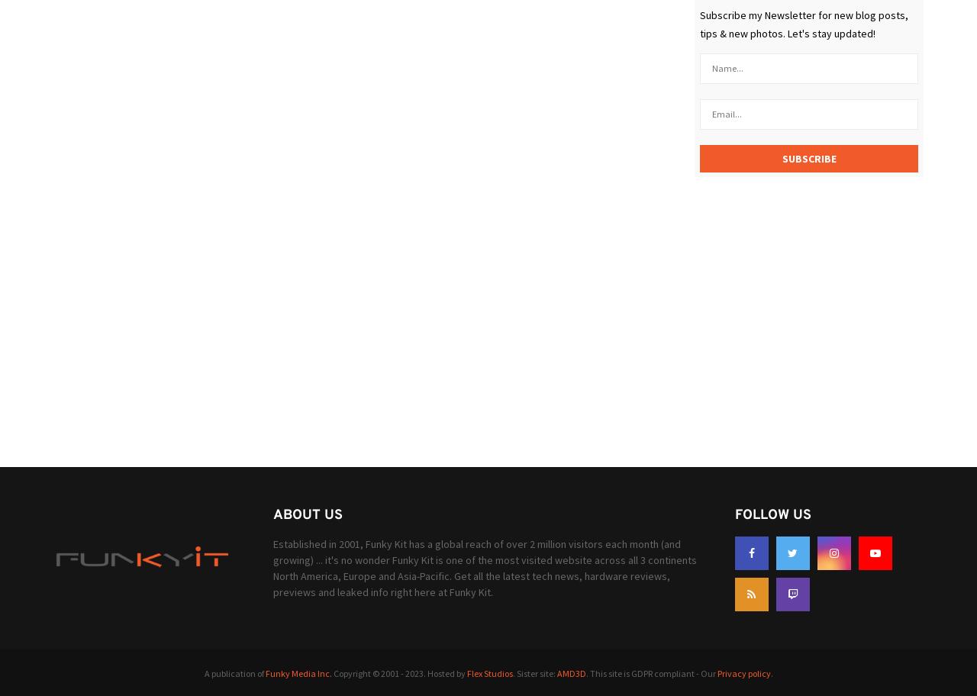 The width and height of the screenshot is (977, 696). What do you see at coordinates (489, 672) in the screenshot?
I see `'Flex Studios'` at bounding box center [489, 672].